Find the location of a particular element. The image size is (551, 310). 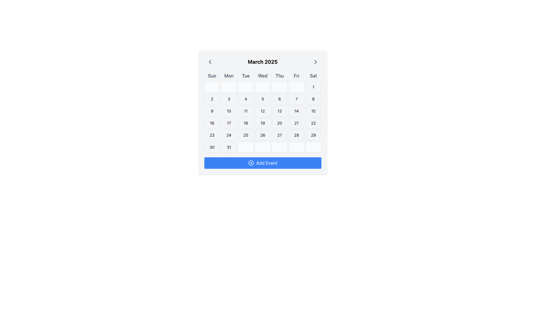

the button labeled '6' in the calendar grid is located at coordinates (280, 98).